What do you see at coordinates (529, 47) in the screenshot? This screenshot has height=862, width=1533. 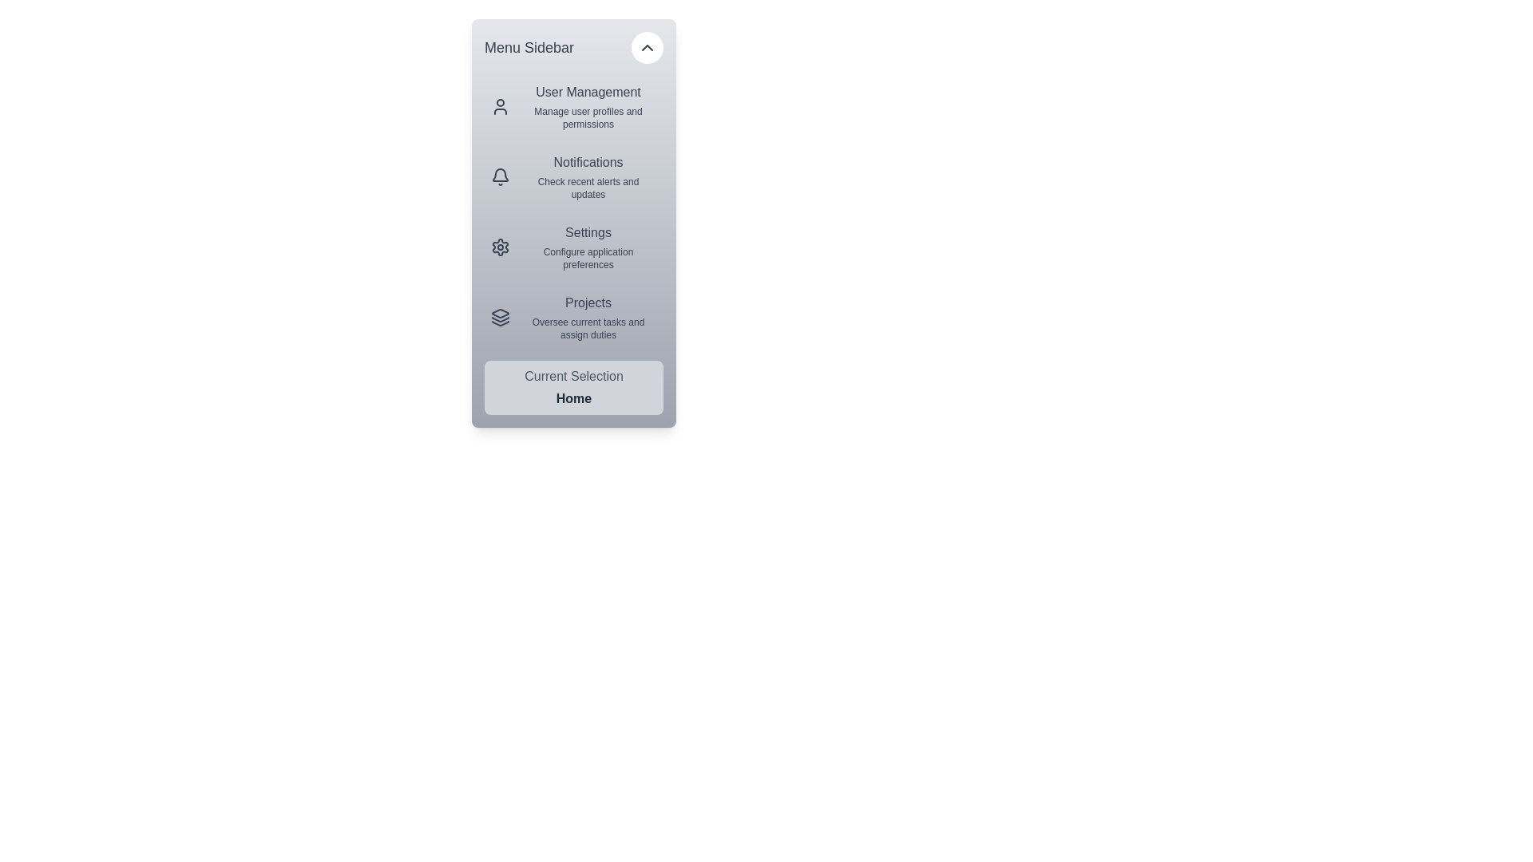 I see `the 'Menu Sidebar' text label, which is a distinct header styled in large, medium-bold dark gray font, located at the top section of the sidebar interface` at bounding box center [529, 47].